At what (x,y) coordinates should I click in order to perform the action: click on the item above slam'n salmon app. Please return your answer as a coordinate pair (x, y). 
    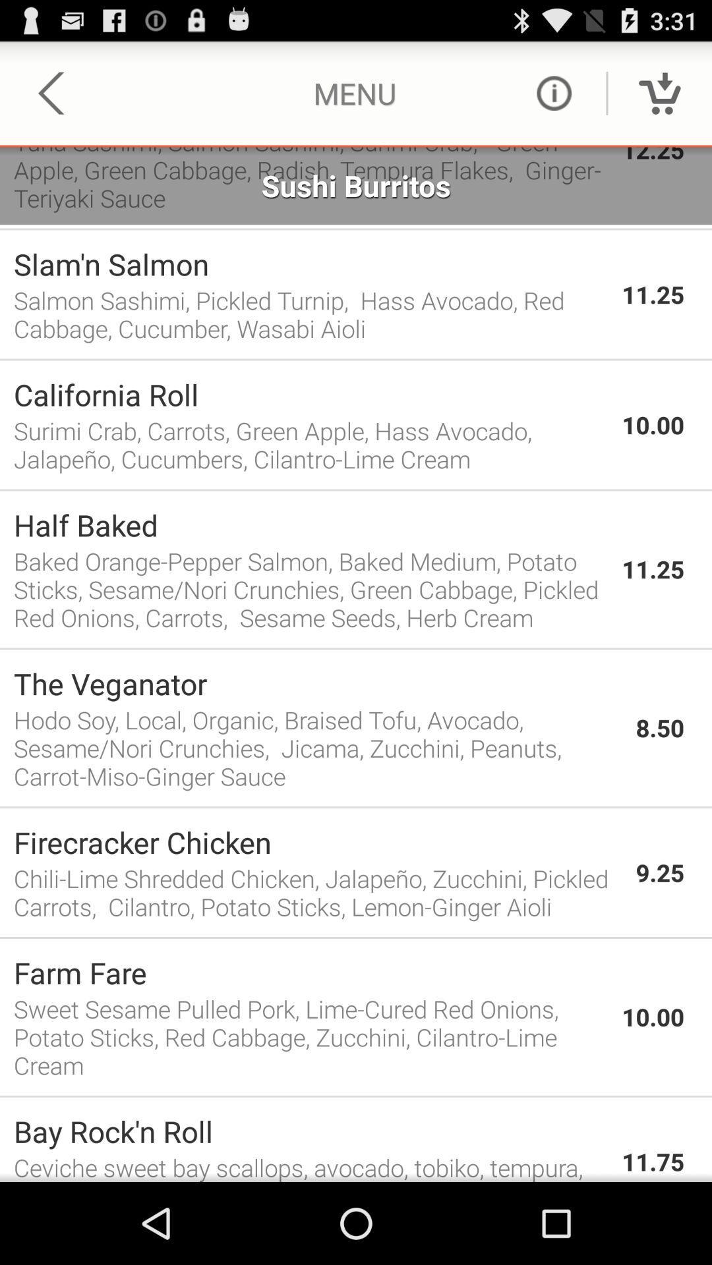
    Looking at the image, I should click on (356, 229).